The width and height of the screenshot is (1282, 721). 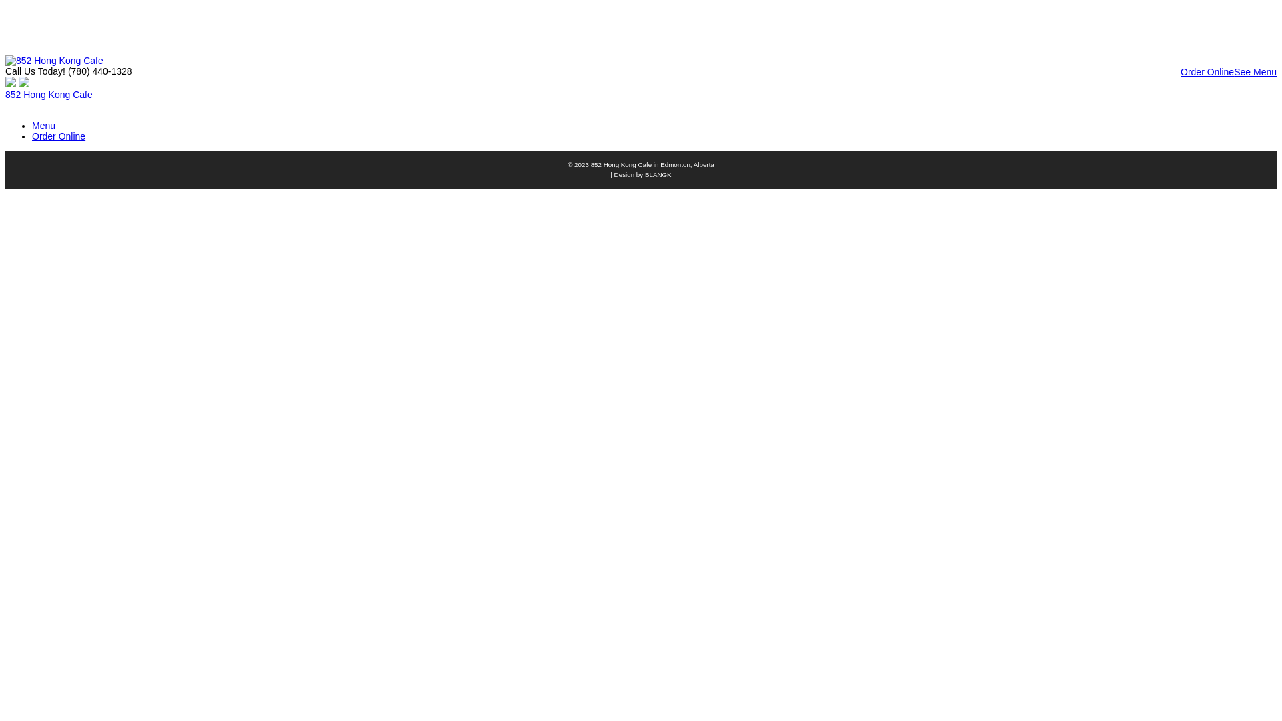 I want to click on 'Order Online', so click(x=1207, y=72).